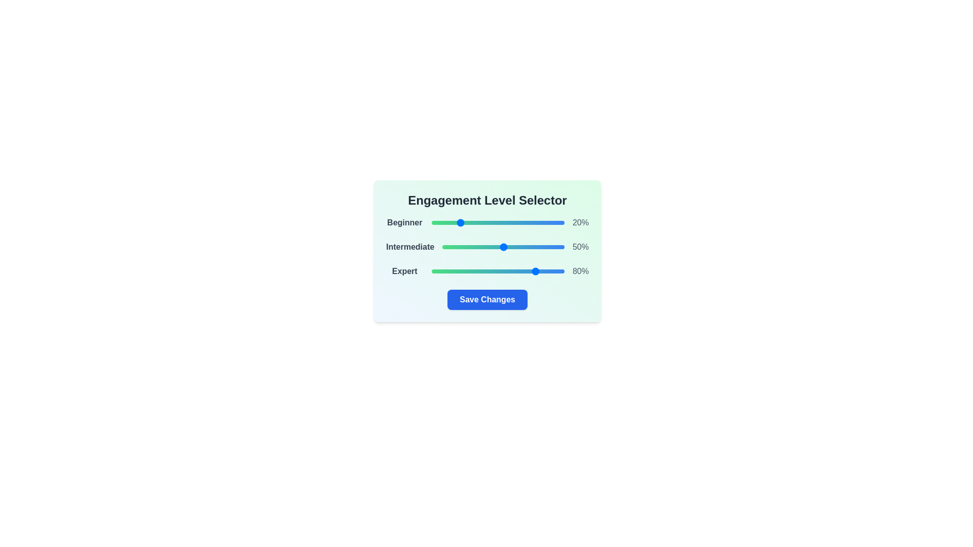  I want to click on 'Save Changes' button to save the engagement levels, so click(487, 299).